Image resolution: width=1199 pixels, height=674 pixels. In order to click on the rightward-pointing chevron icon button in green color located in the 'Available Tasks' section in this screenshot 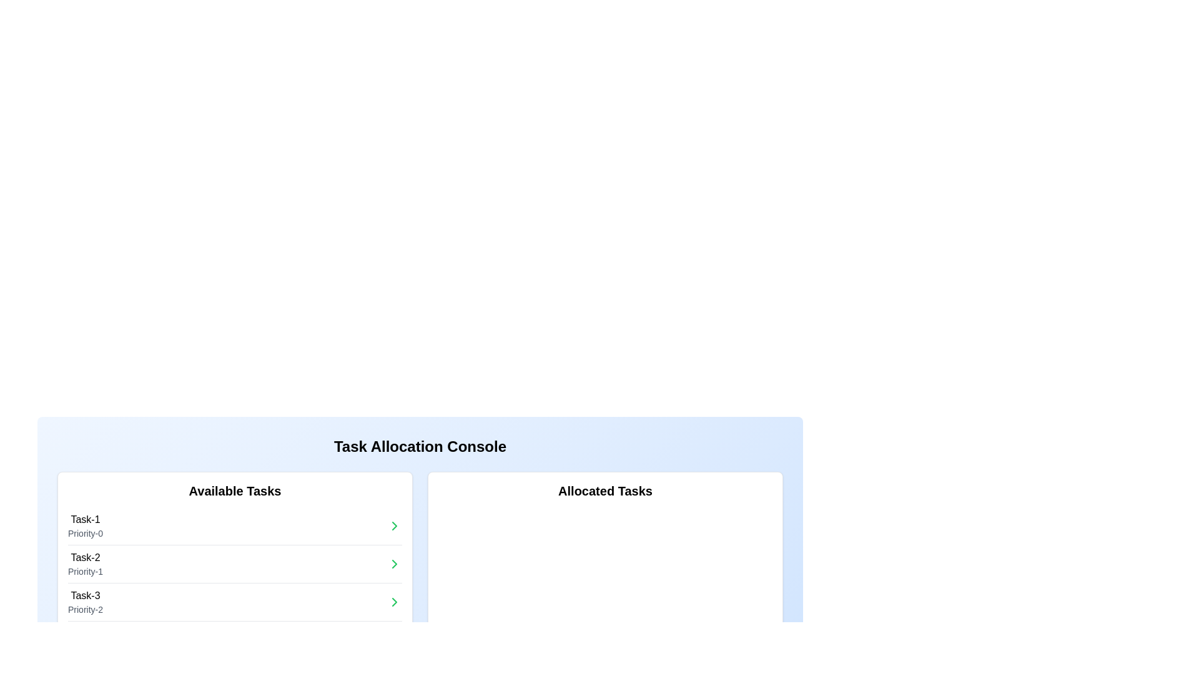, I will do `click(394, 526)`.